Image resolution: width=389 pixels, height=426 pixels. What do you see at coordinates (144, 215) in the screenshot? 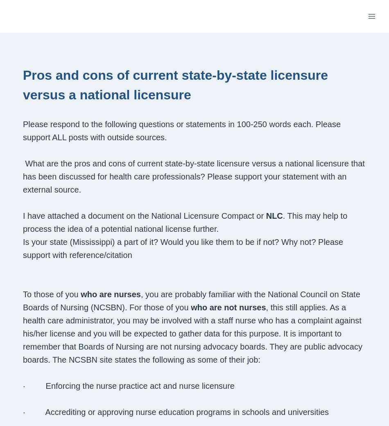
I see `'I have attached a document on the National Licensure Compact or'` at bounding box center [144, 215].